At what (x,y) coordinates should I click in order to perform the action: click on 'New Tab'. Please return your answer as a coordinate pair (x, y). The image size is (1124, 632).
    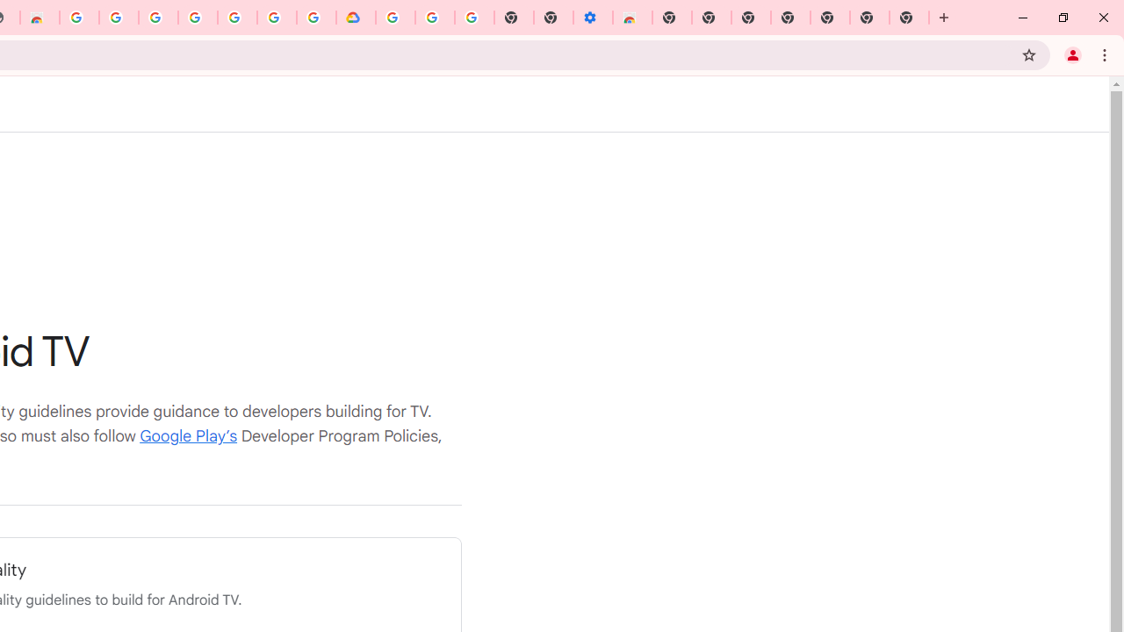
    Looking at the image, I should click on (909, 18).